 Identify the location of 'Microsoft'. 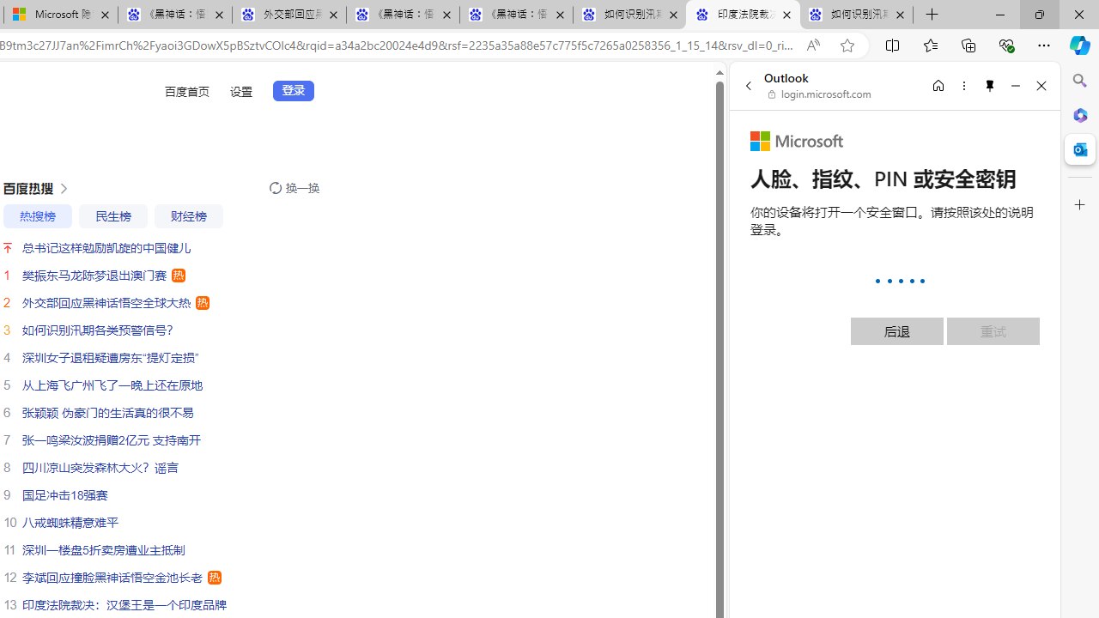
(796, 141).